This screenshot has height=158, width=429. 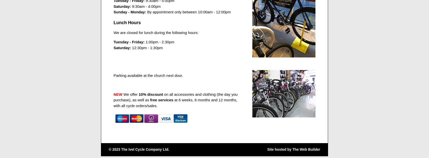 What do you see at coordinates (267, 149) in the screenshot?
I see `'Site hosted by'` at bounding box center [267, 149].